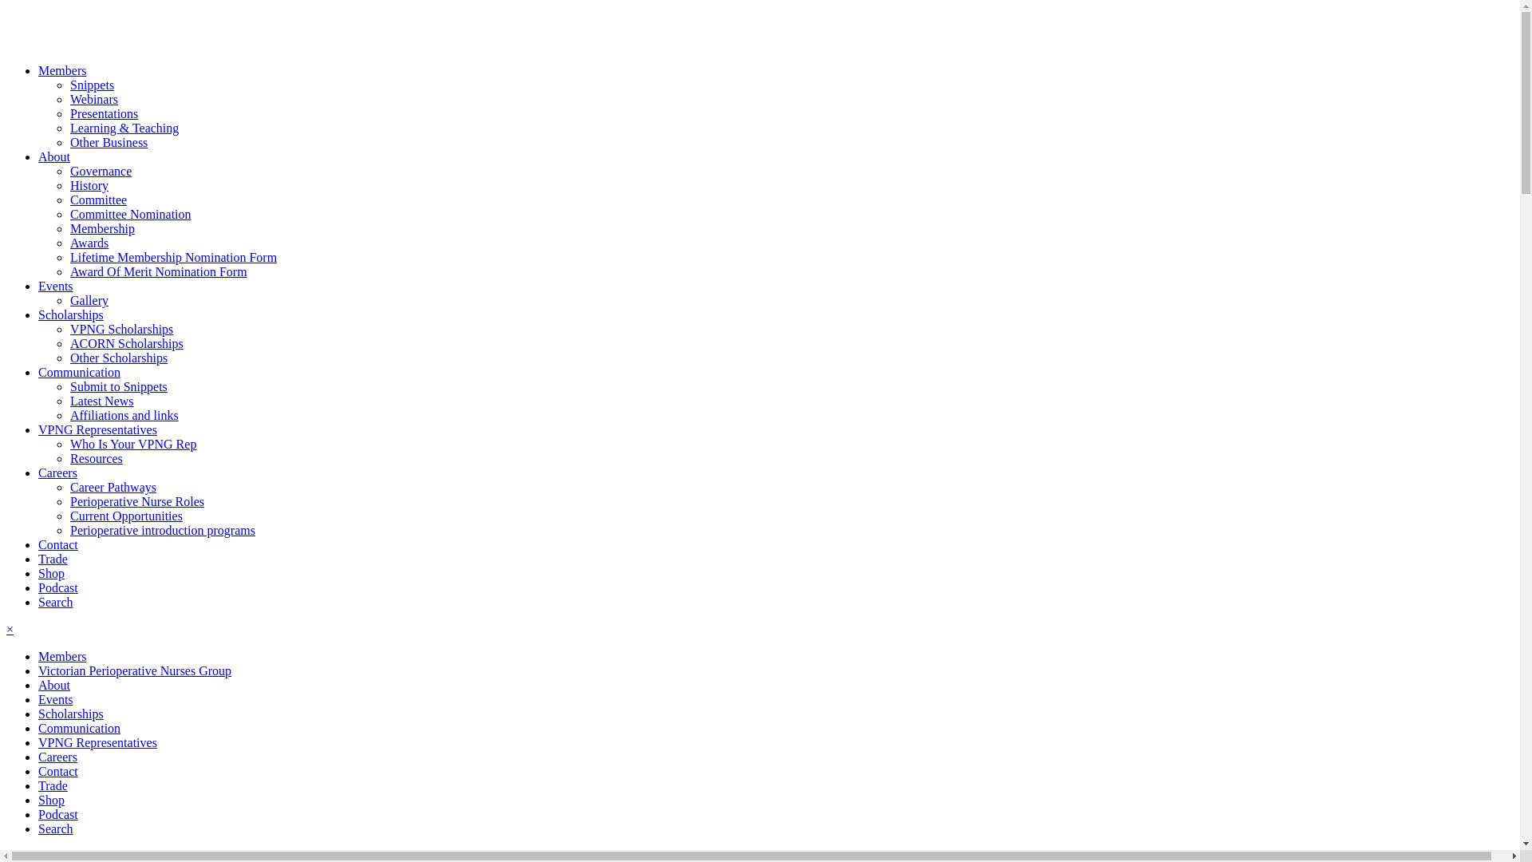 This screenshot has height=862, width=1532. I want to click on 'Contact', so click(57, 770).